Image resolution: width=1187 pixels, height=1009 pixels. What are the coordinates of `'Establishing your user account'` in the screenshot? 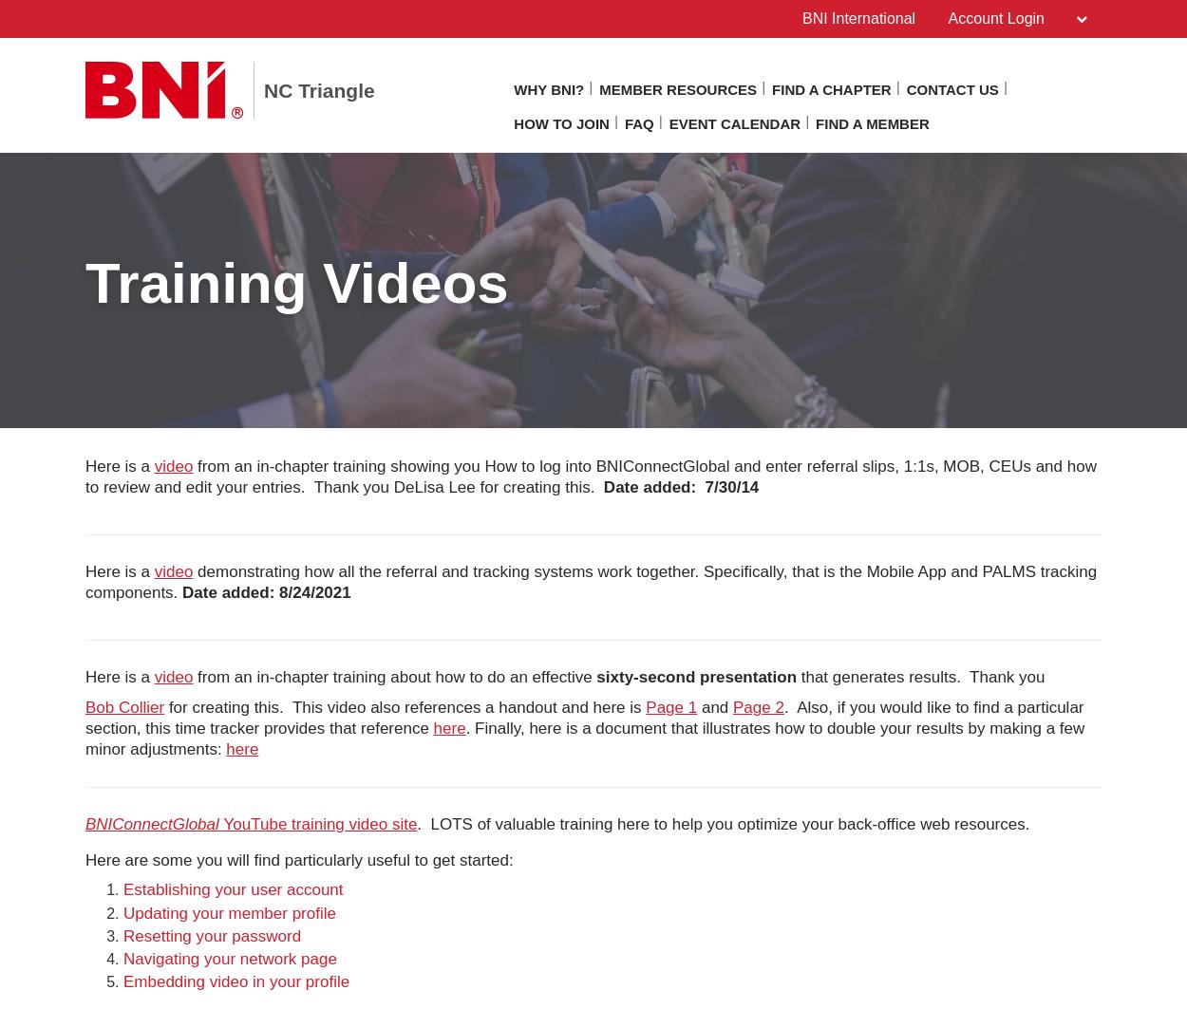 It's located at (123, 888).